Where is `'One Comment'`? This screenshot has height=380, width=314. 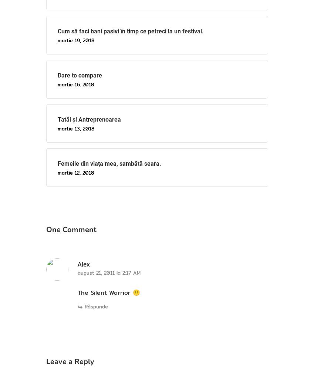 'One Comment' is located at coordinates (45, 229).